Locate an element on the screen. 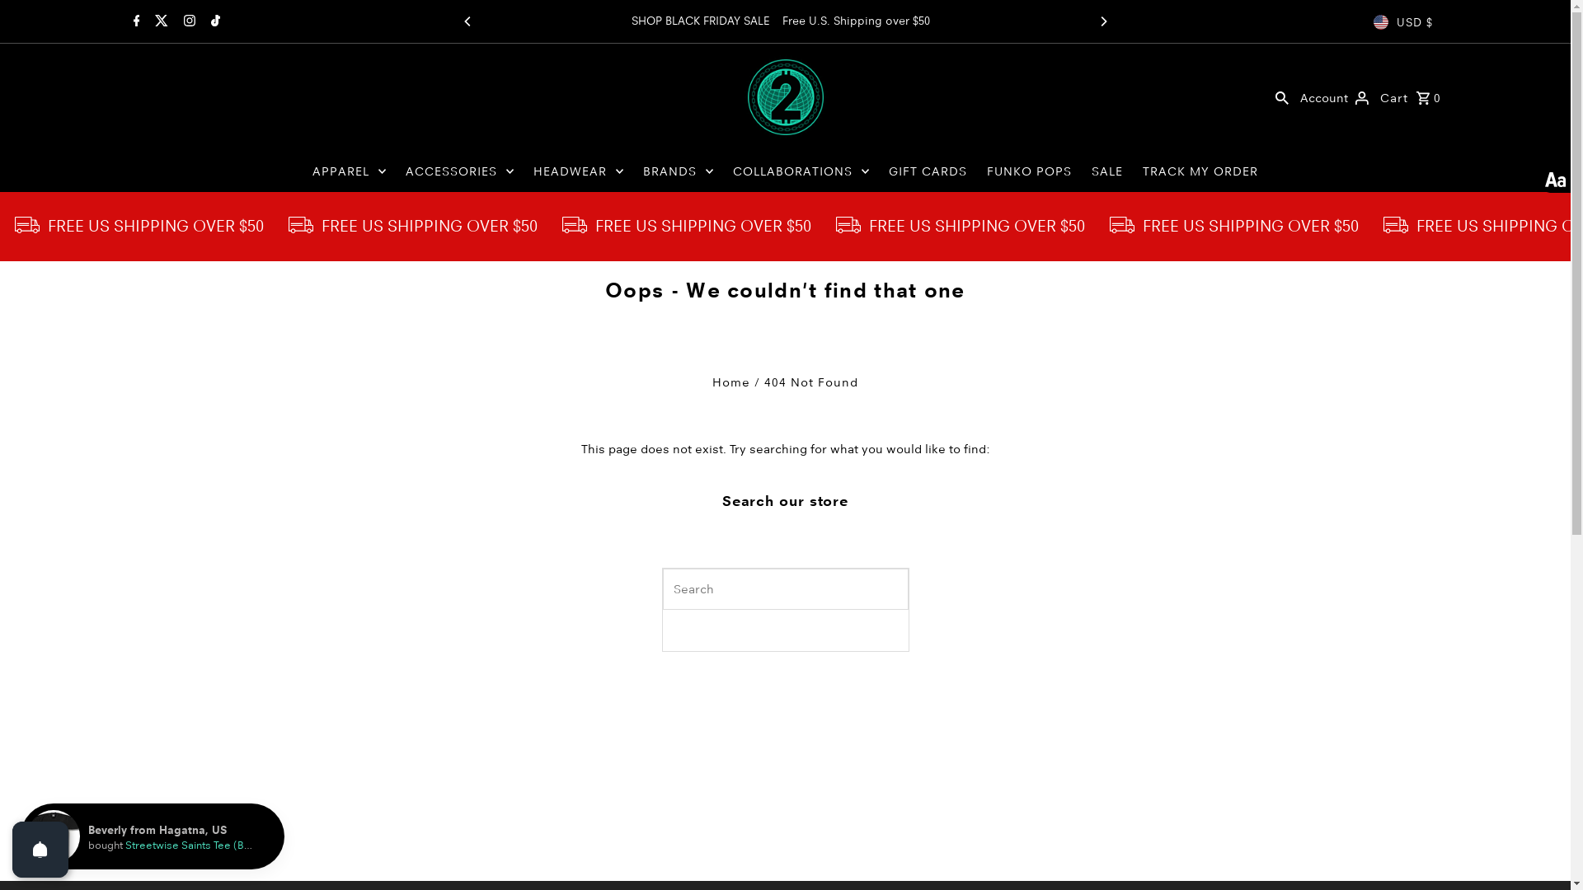 This screenshot has height=890, width=1583. 'HEADWEAR' is located at coordinates (524, 171).